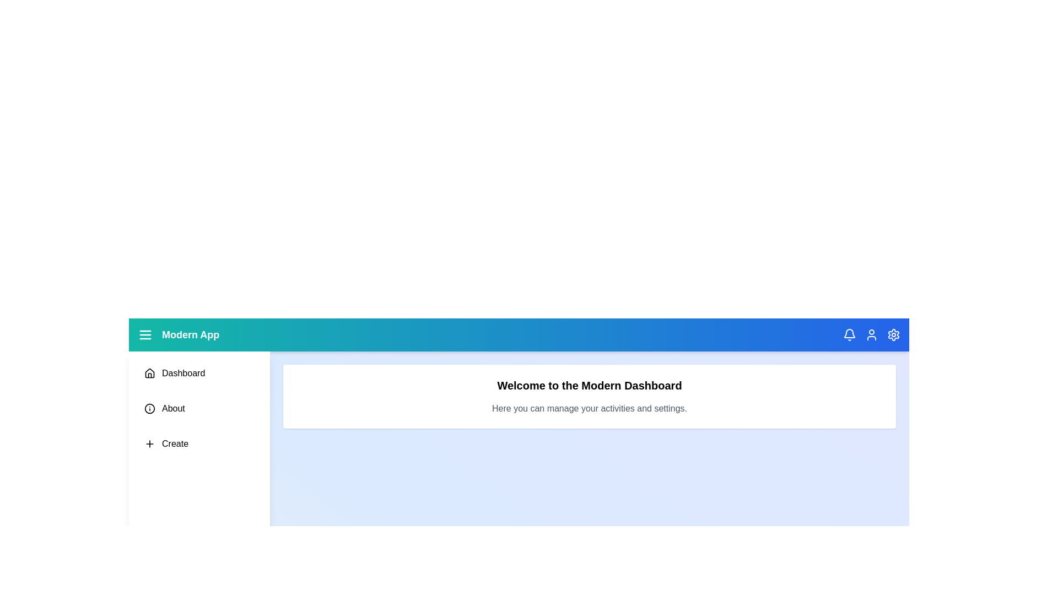 This screenshot has width=1058, height=595. What do you see at coordinates (894, 334) in the screenshot?
I see `the header icon Settings to perform its respective action` at bounding box center [894, 334].